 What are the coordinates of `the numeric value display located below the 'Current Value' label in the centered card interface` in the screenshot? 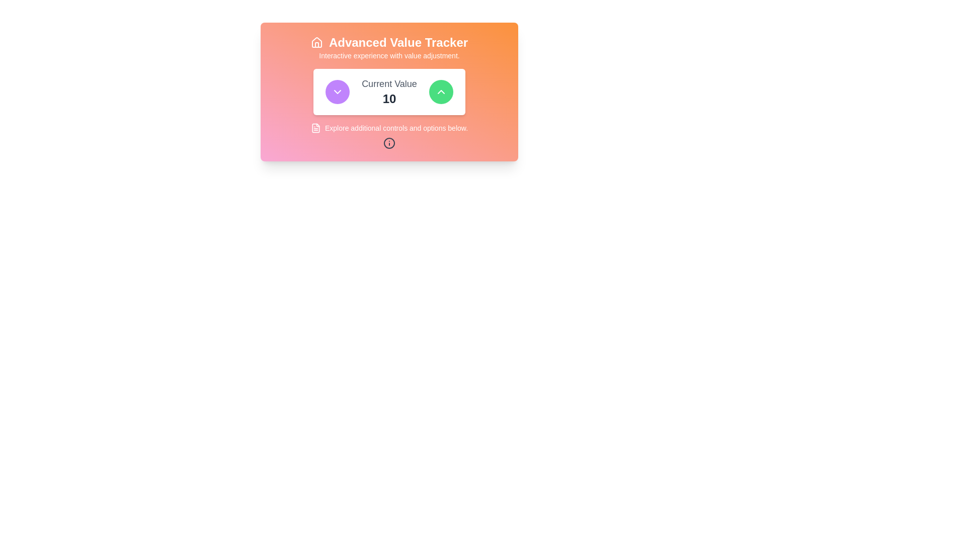 It's located at (388, 99).